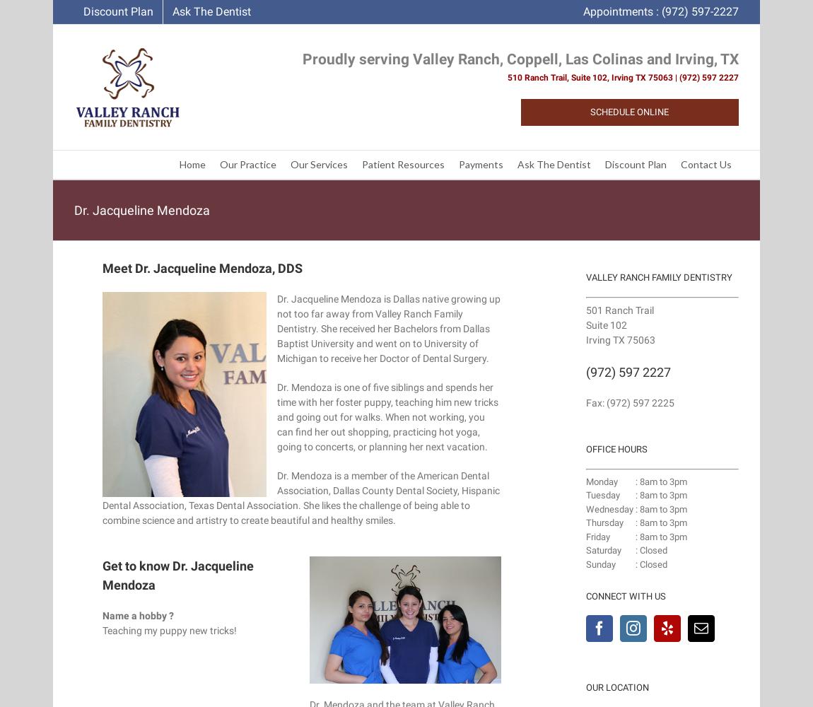  What do you see at coordinates (590, 111) in the screenshot?
I see `'Schedule Online'` at bounding box center [590, 111].